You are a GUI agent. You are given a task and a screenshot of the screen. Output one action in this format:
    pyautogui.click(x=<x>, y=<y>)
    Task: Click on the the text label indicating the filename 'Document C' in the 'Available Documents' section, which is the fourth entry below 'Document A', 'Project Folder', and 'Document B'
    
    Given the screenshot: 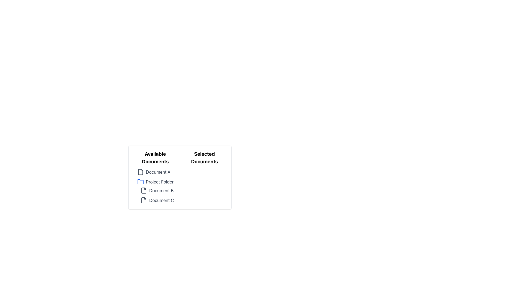 What is the action you would take?
    pyautogui.click(x=161, y=200)
    